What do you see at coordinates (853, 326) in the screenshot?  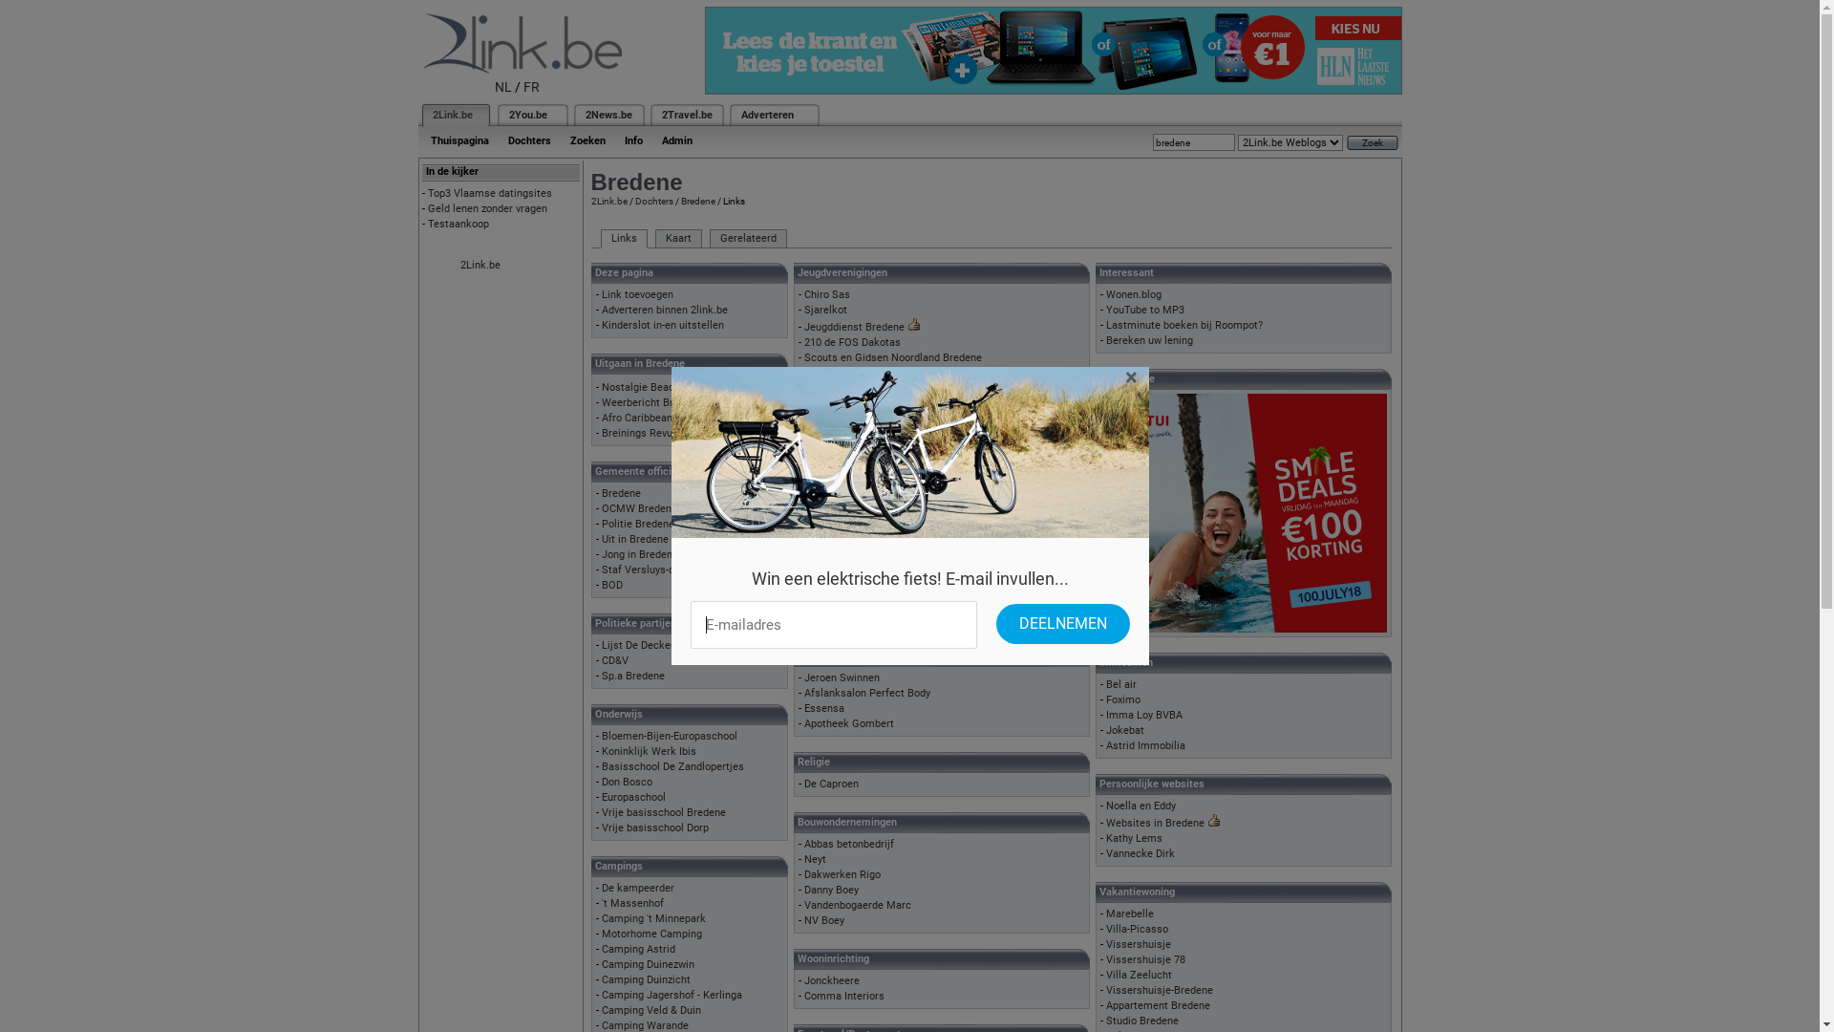 I see `'Jeugddienst Bredene'` at bounding box center [853, 326].